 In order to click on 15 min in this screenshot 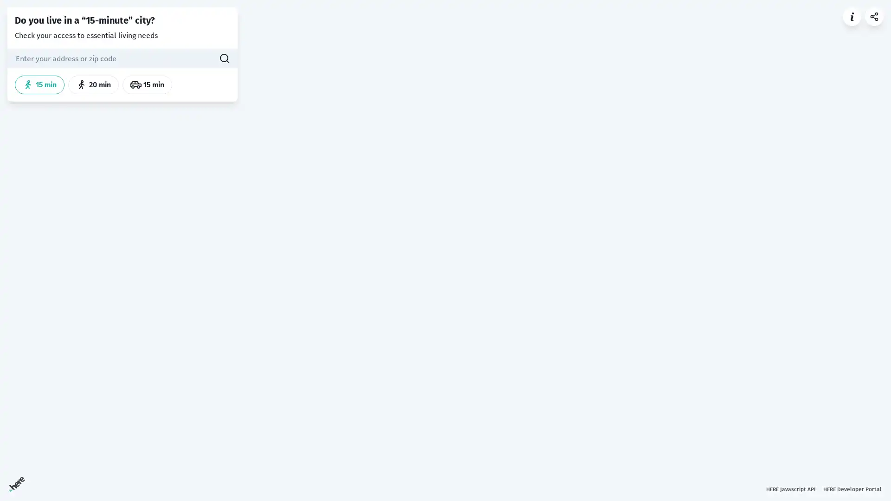, I will do `click(147, 84)`.